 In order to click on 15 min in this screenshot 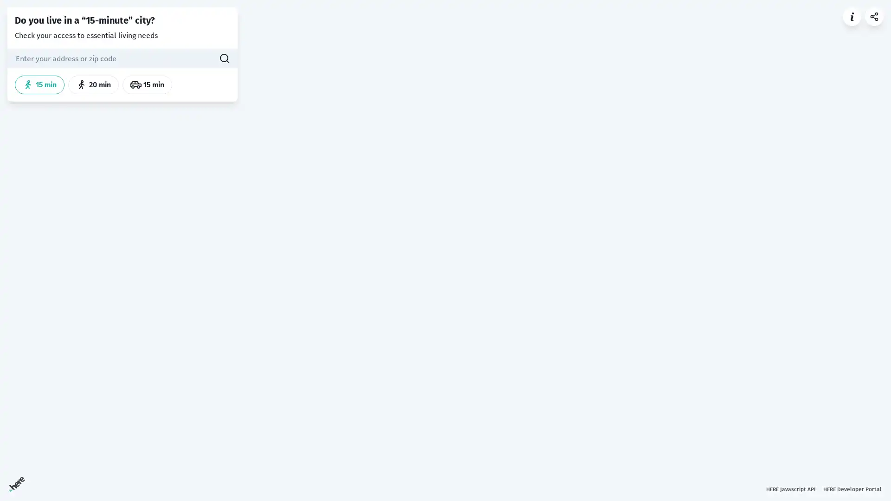, I will do `click(147, 84)`.